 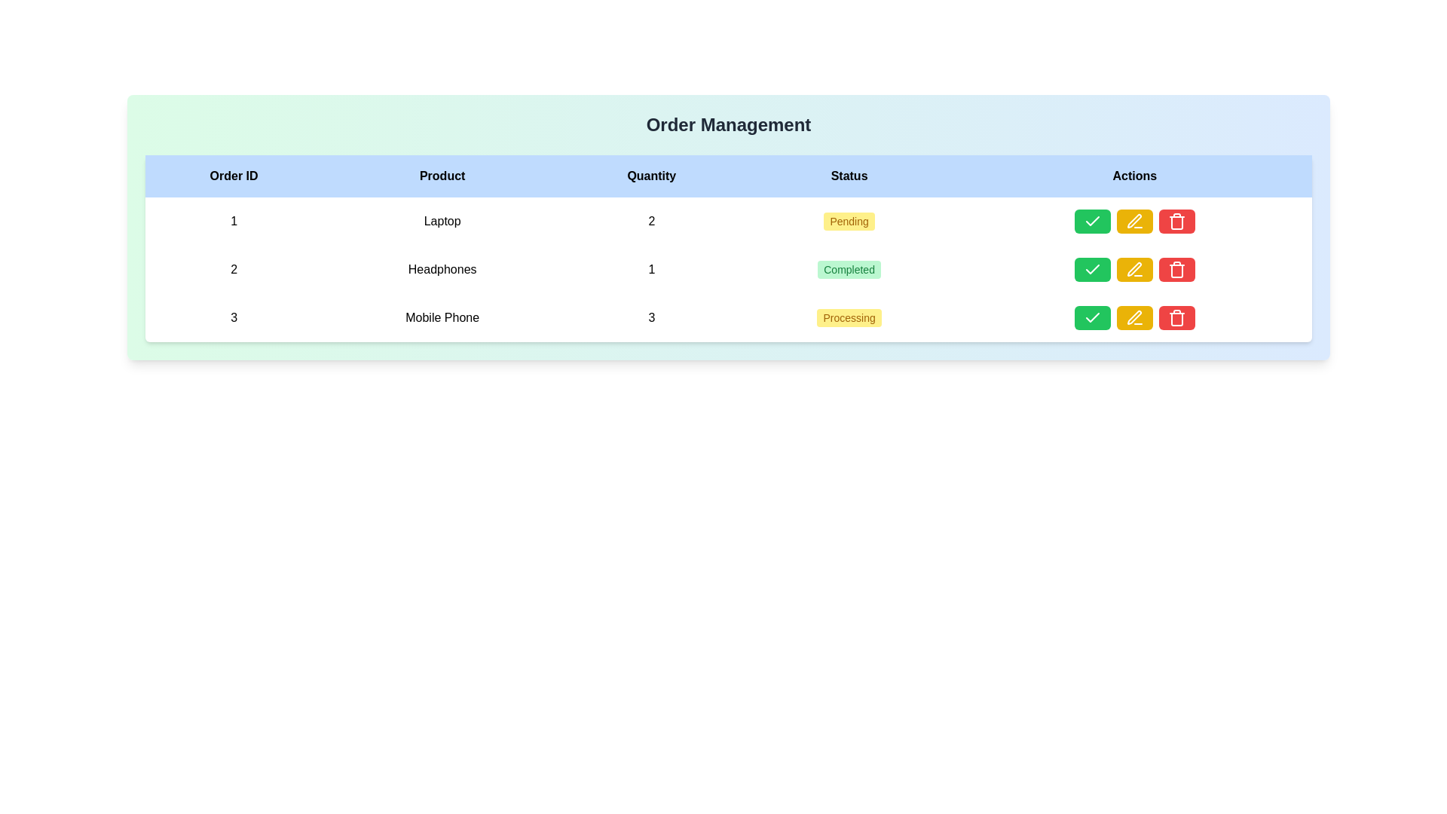 What do you see at coordinates (1134, 317) in the screenshot?
I see `the yellow button with a pencil icon in the center, located as the second button from the left in the 'Actions' column of the third row in the table, to initiate editing` at bounding box center [1134, 317].